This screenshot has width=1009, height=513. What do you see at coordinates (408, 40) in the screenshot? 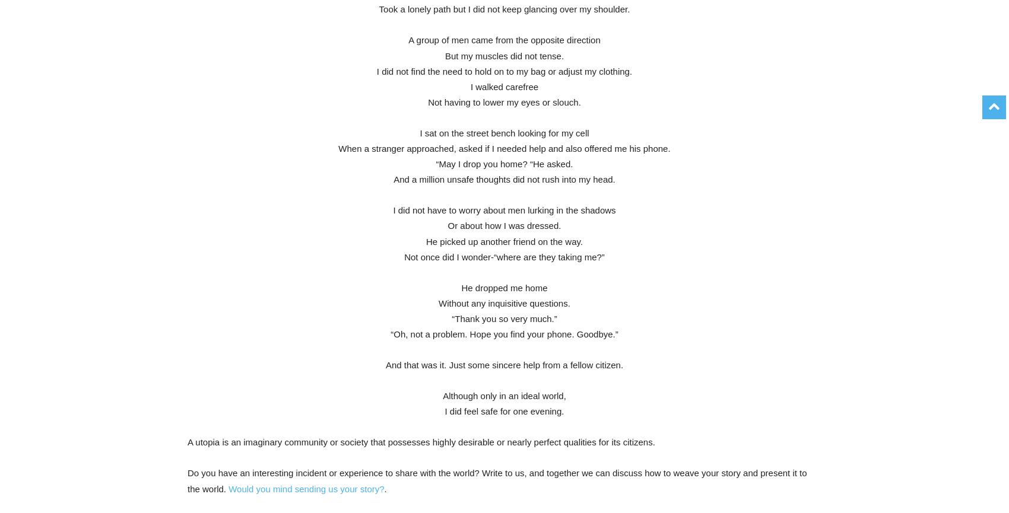
I see `'A group of men came from the opposite direction'` at bounding box center [408, 40].